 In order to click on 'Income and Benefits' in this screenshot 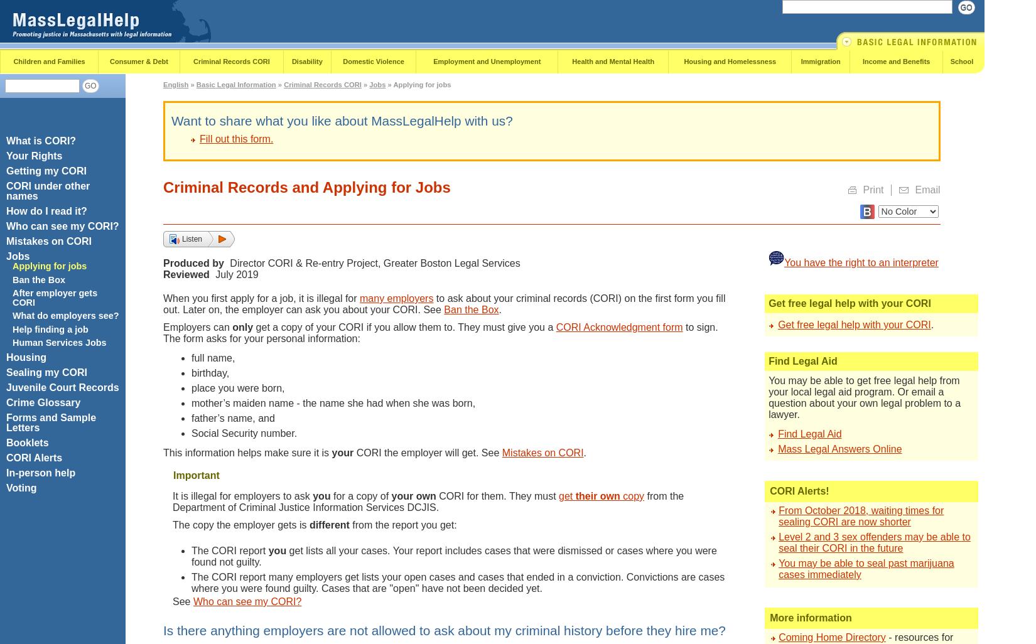, I will do `click(895, 60)`.